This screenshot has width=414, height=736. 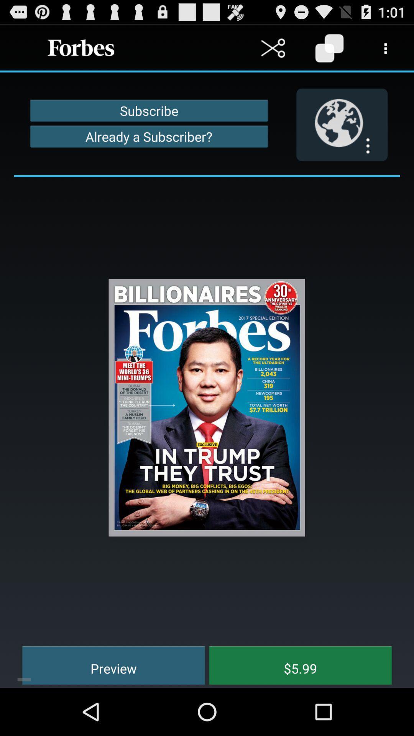 What do you see at coordinates (342, 125) in the screenshot?
I see `icon next to the subscribe` at bounding box center [342, 125].